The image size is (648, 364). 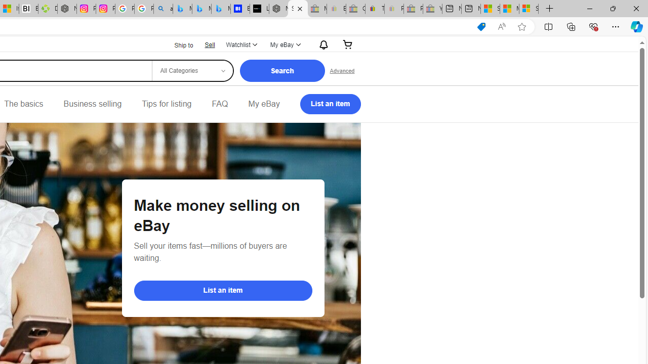 I want to click on 'Select a category for search', so click(x=192, y=70).